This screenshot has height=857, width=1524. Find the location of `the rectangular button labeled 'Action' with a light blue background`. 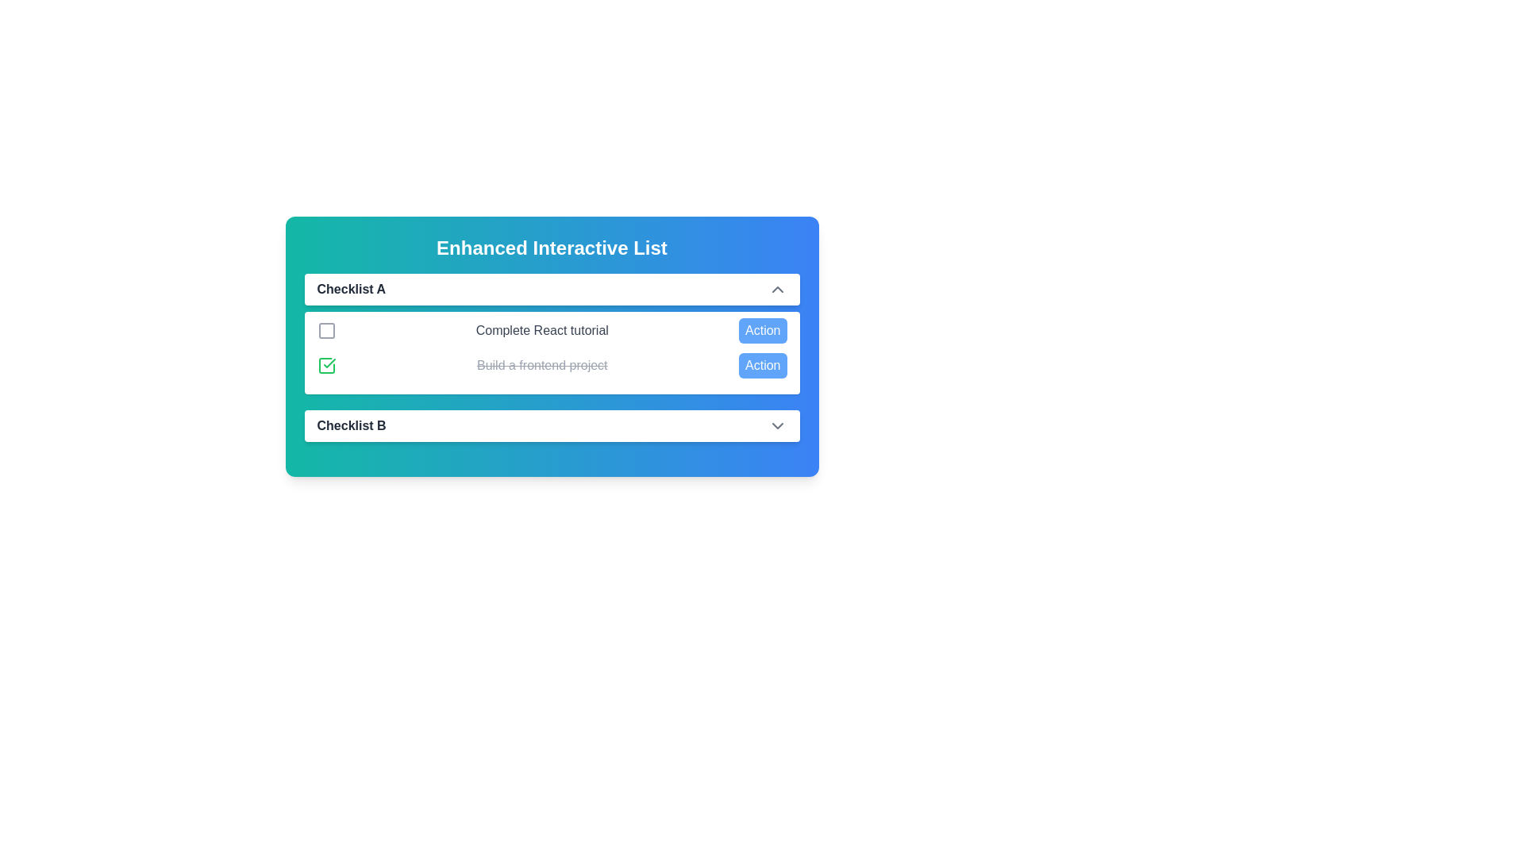

the rectangular button labeled 'Action' with a light blue background is located at coordinates (763, 329).